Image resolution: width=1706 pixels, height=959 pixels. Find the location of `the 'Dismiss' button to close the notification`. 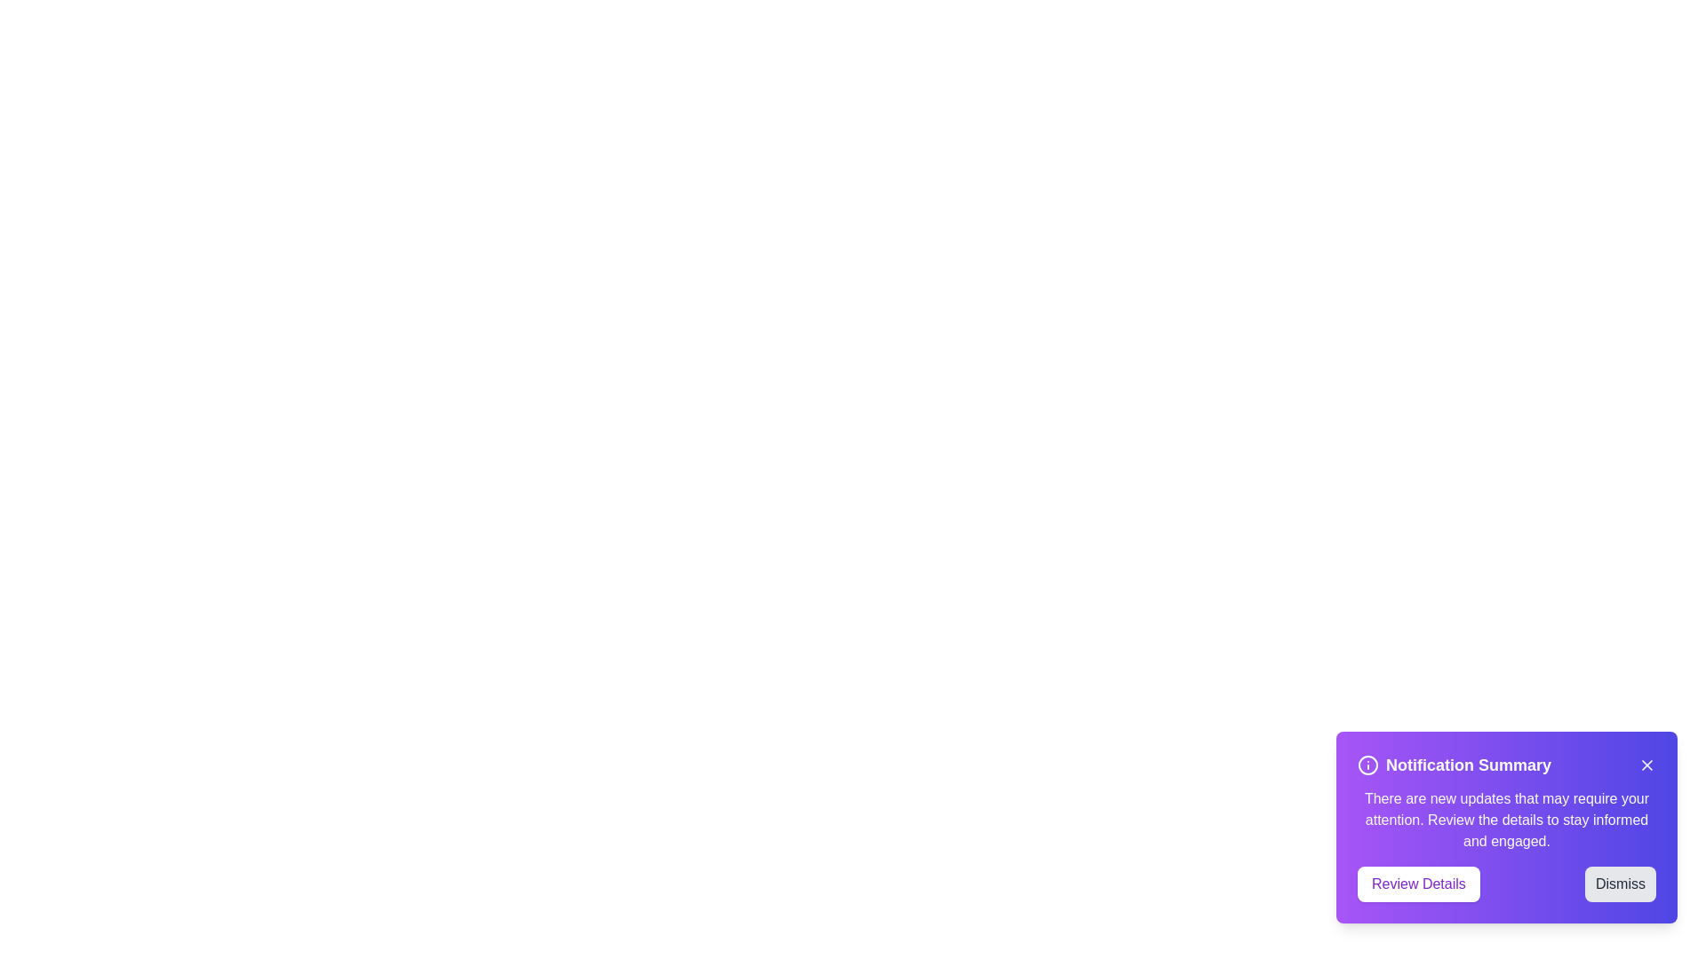

the 'Dismiss' button to close the notification is located at coordinates (1621, 884).